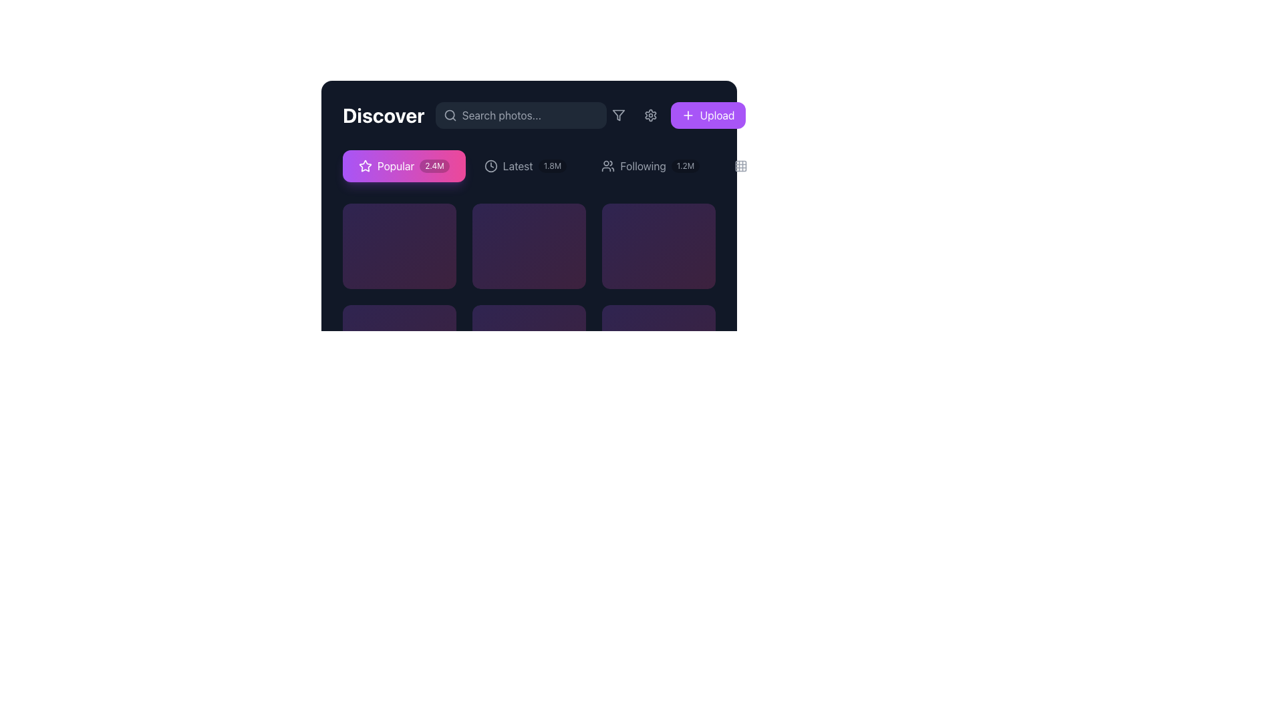  What do you see at coordinates (740, 166) in the screenshot?
I see `the grid view icon located in the leftmost section of the collection navigation, immediately before the text label 'Collections'` at bounding box center [740, 166].